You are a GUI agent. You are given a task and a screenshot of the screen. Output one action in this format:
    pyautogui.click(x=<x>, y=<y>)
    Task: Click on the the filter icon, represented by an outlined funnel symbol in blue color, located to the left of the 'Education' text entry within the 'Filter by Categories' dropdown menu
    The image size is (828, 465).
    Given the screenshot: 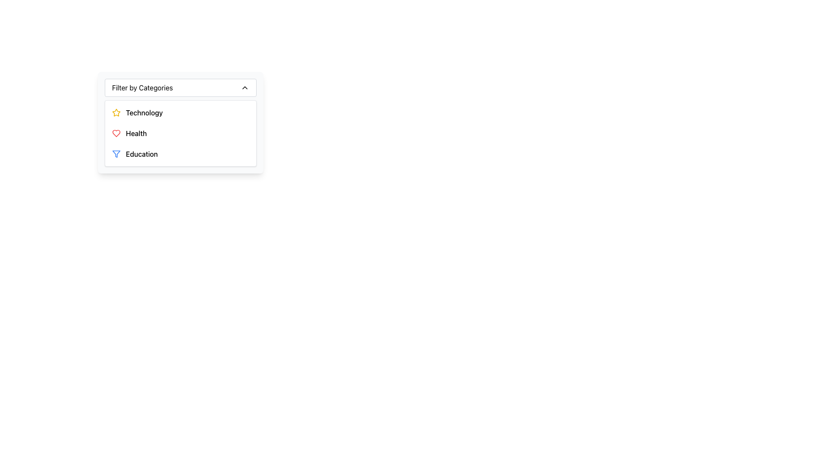 What is the action you would take?
    pyautogui.click(x=116, y=154)
    